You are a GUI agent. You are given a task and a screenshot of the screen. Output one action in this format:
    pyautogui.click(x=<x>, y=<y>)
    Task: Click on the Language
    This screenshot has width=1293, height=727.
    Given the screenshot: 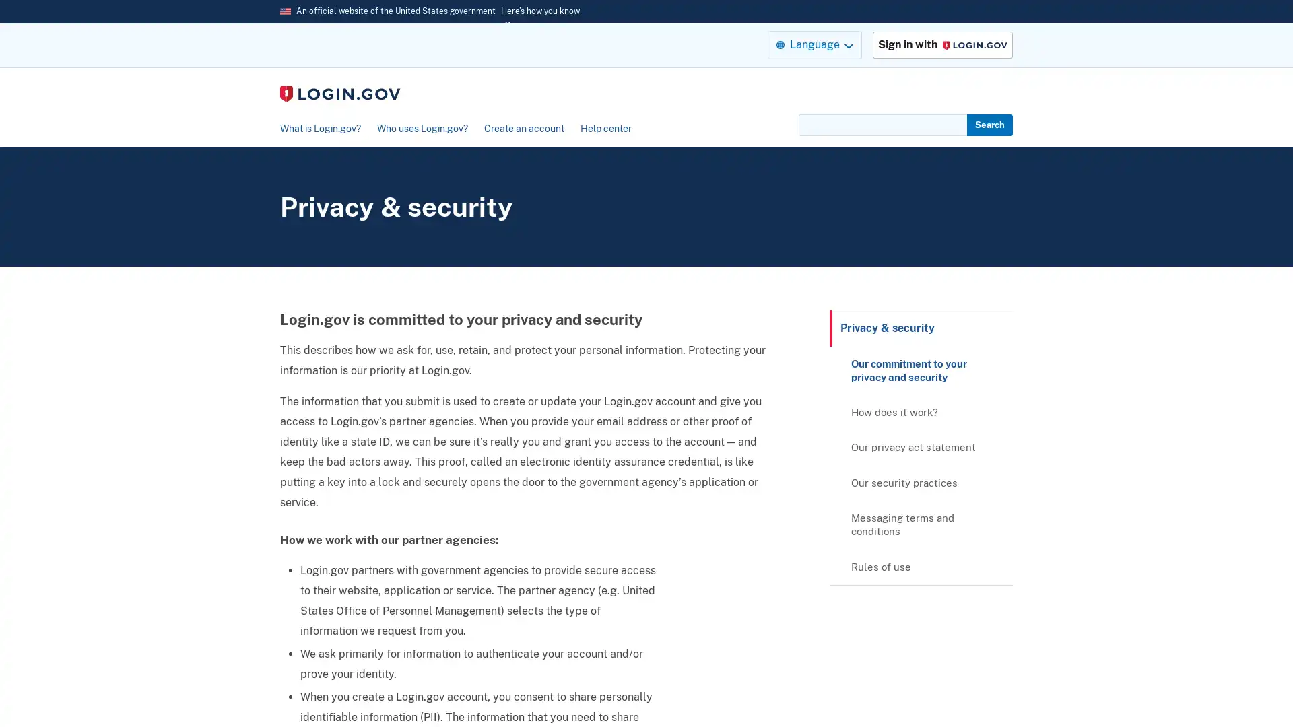 What is the action you would take?
    pyautogui.click(x=814, y=44)
    